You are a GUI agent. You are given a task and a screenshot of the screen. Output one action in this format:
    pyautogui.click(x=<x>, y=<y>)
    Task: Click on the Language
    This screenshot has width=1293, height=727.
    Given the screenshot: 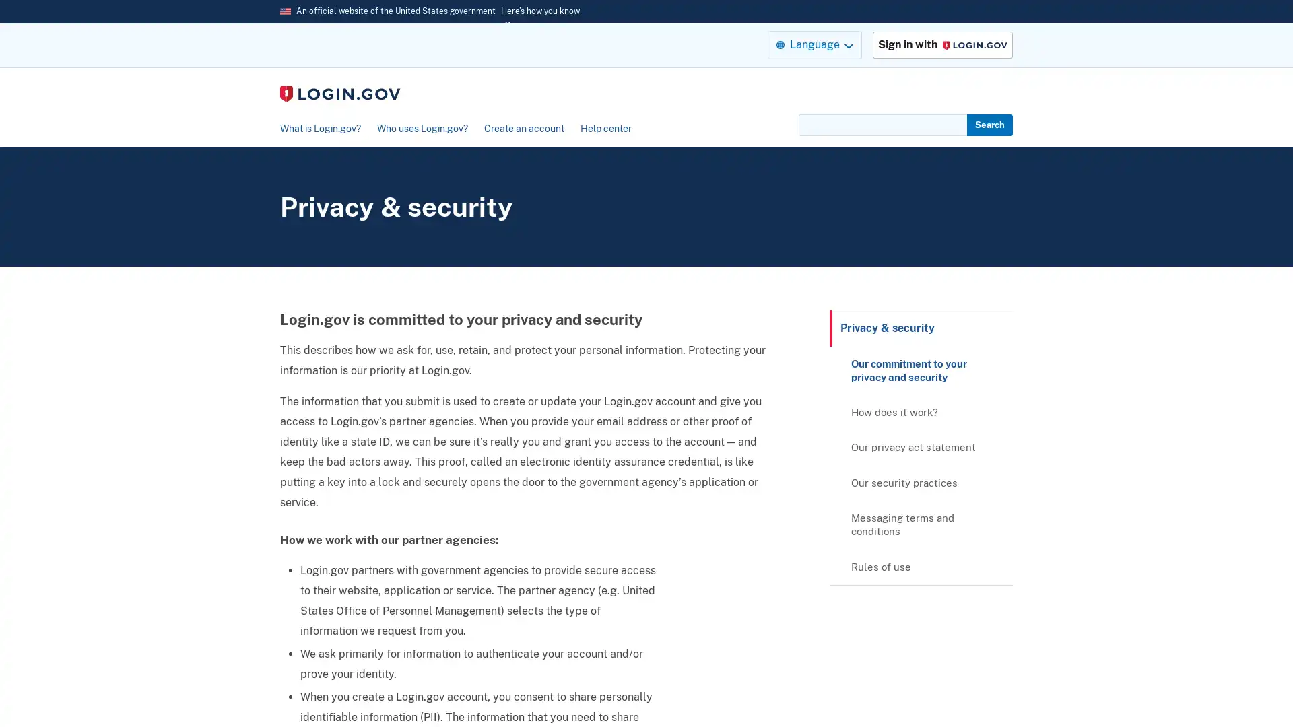 What is the action you would take?
    pyautogui.click(x=814, y=44)
    